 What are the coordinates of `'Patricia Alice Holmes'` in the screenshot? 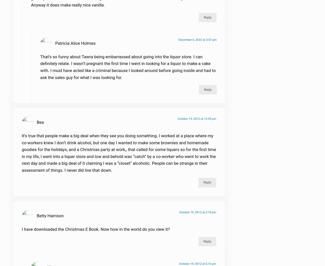 It's located at (75, 46).